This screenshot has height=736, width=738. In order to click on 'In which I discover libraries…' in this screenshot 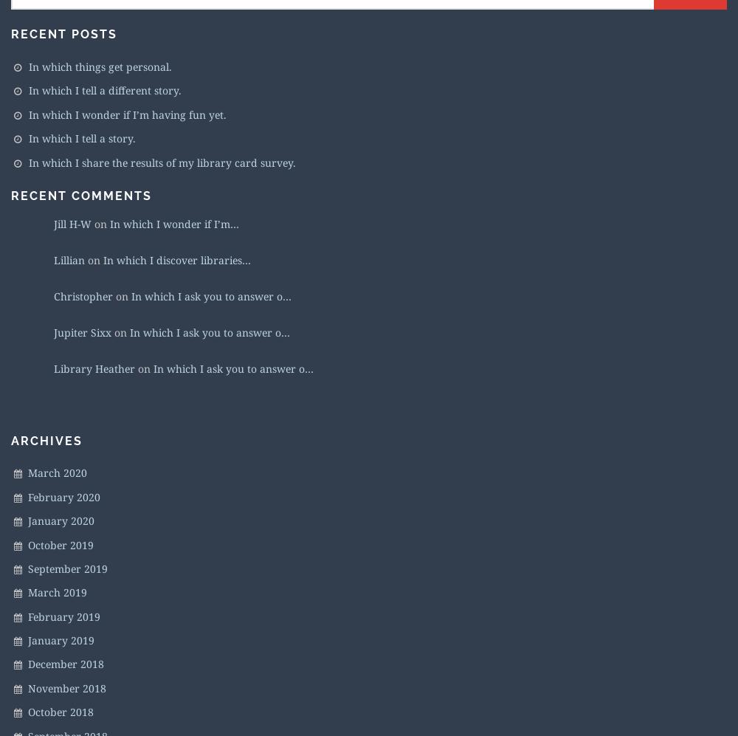, I will do `click(176, 258)`.